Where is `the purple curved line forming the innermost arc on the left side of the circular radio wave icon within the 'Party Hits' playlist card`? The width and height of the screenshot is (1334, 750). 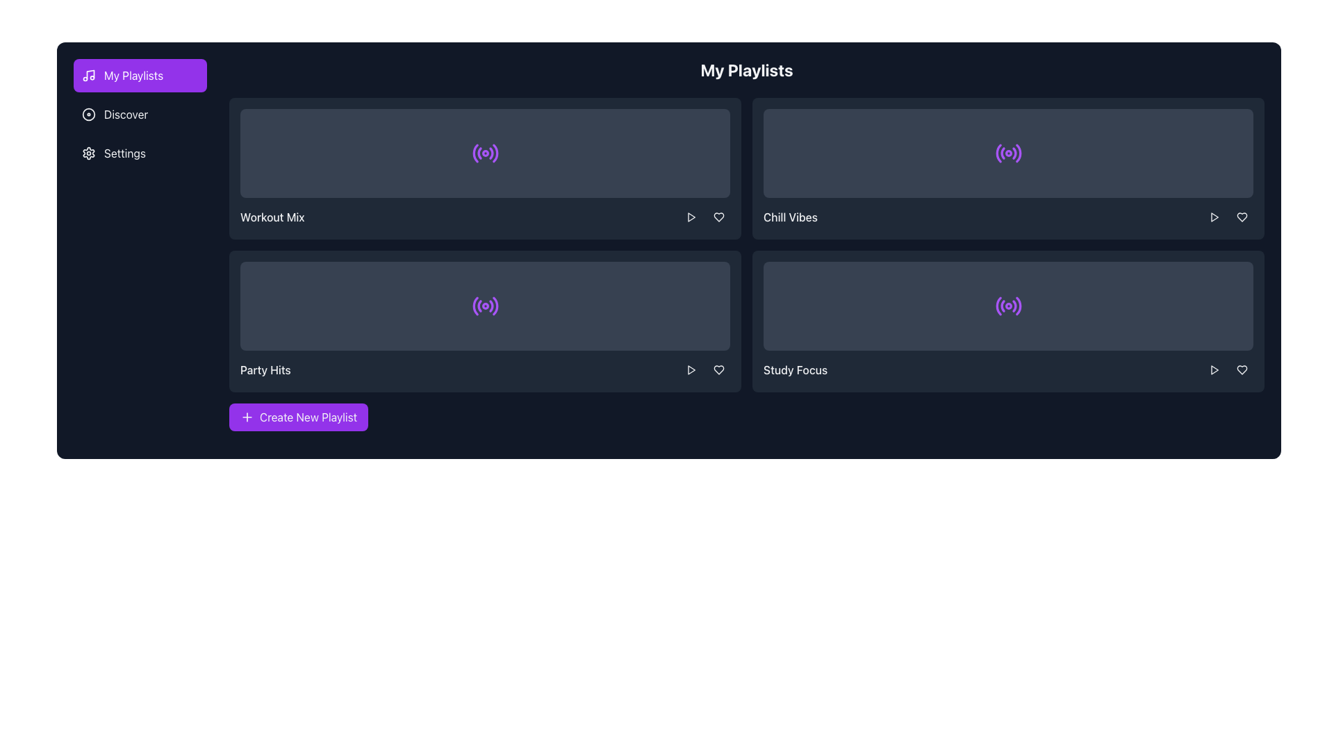 the purple curved line forming the innermost arc on the left side of the circular radio wave icon within the 'Party Hits' playlist card is located at coordinates (475, 305).